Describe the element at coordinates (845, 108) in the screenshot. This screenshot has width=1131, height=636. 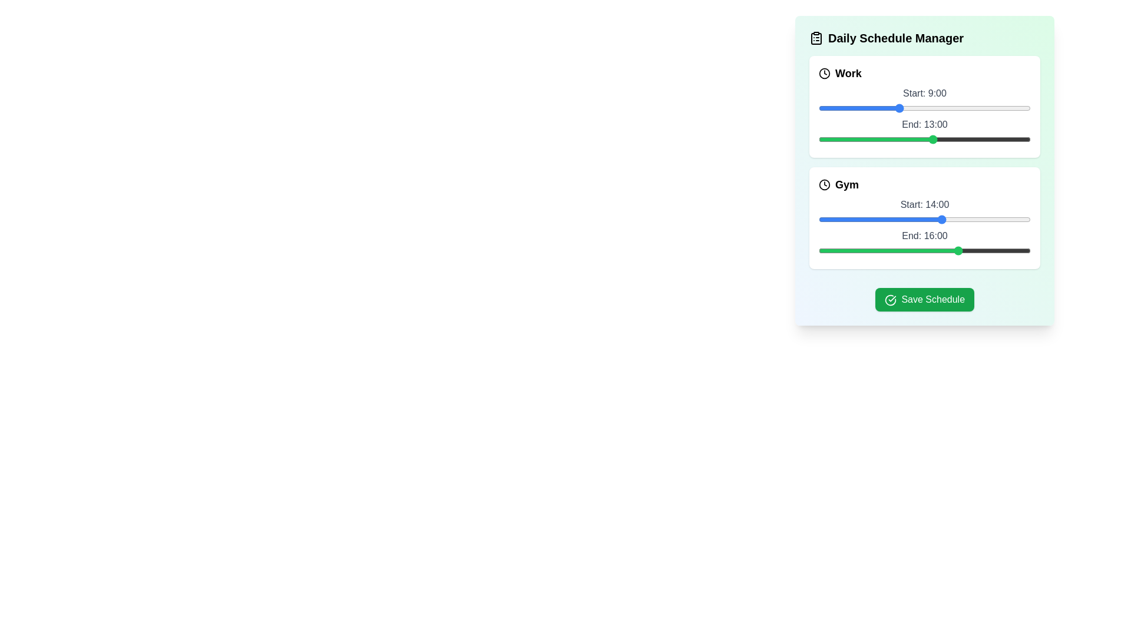
I see `the start time of the 'Work' task to 3 hours using the slider` at that location.